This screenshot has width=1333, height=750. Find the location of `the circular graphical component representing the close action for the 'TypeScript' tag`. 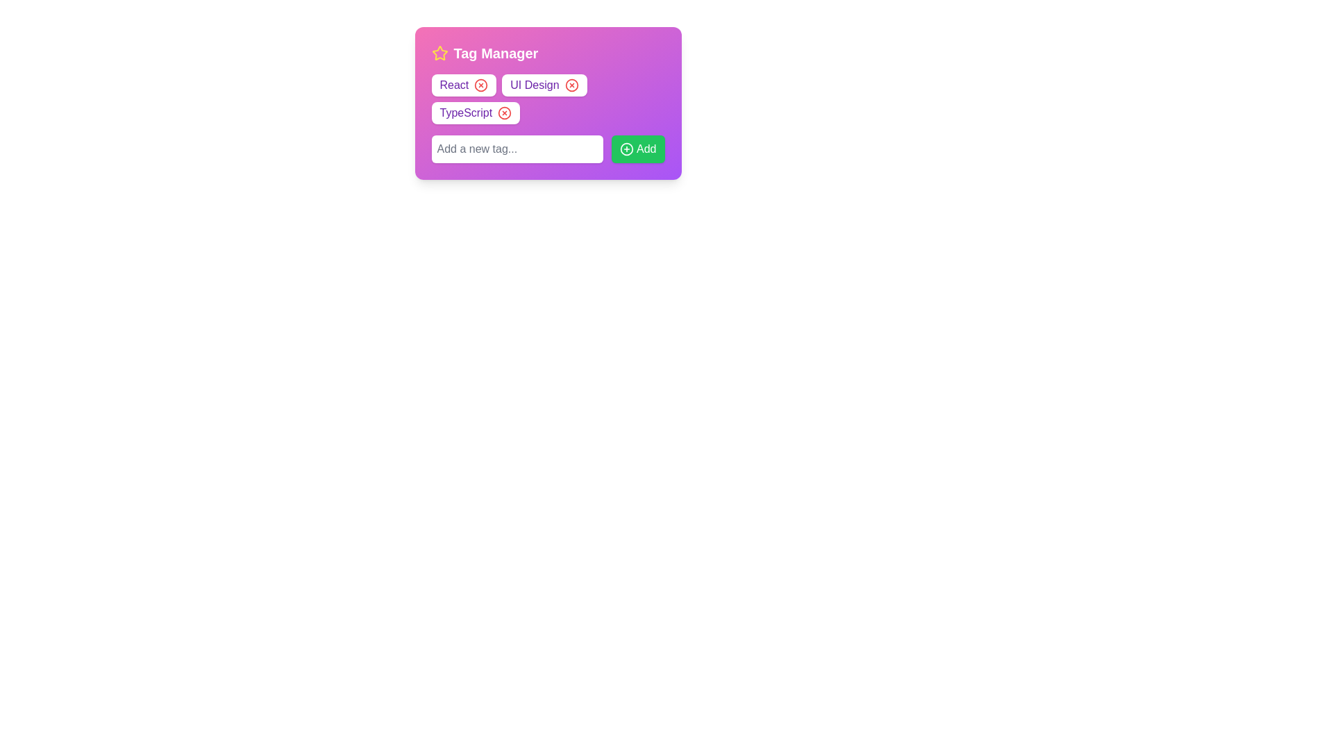

the circular graphical component representing the close action for the 'TypeScript' tag is located at coordinates (504, 112).